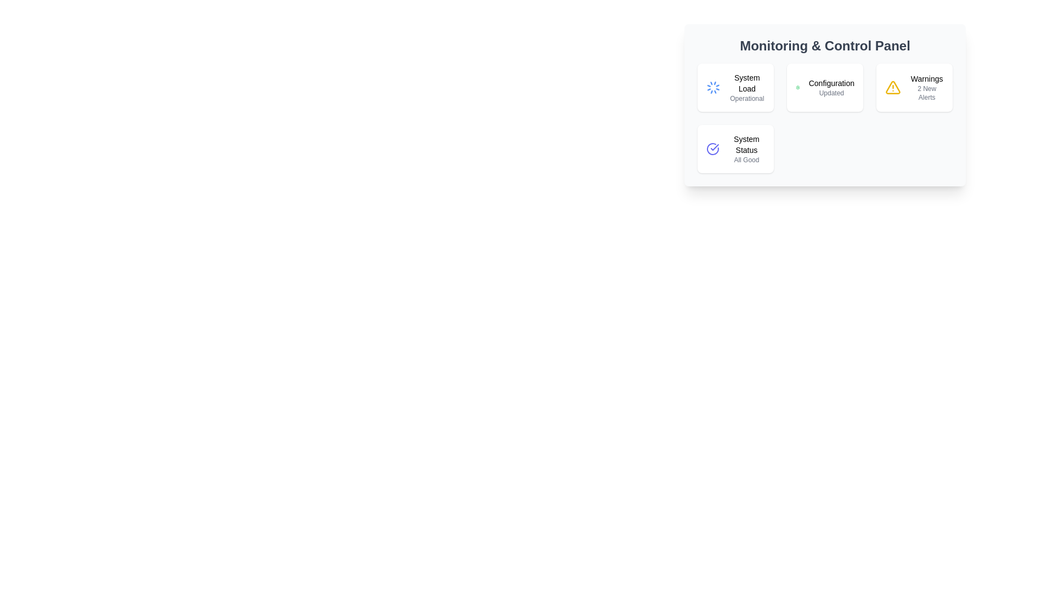 This screenshot has width=1053, height=592. What do you see at coordinates (825, 87) in the screenshot?
I see `the 'Configuration' informational card that indicates its status as 'Updated', located centrally in the second row of the grid layout` at bounding box center [825, 87].